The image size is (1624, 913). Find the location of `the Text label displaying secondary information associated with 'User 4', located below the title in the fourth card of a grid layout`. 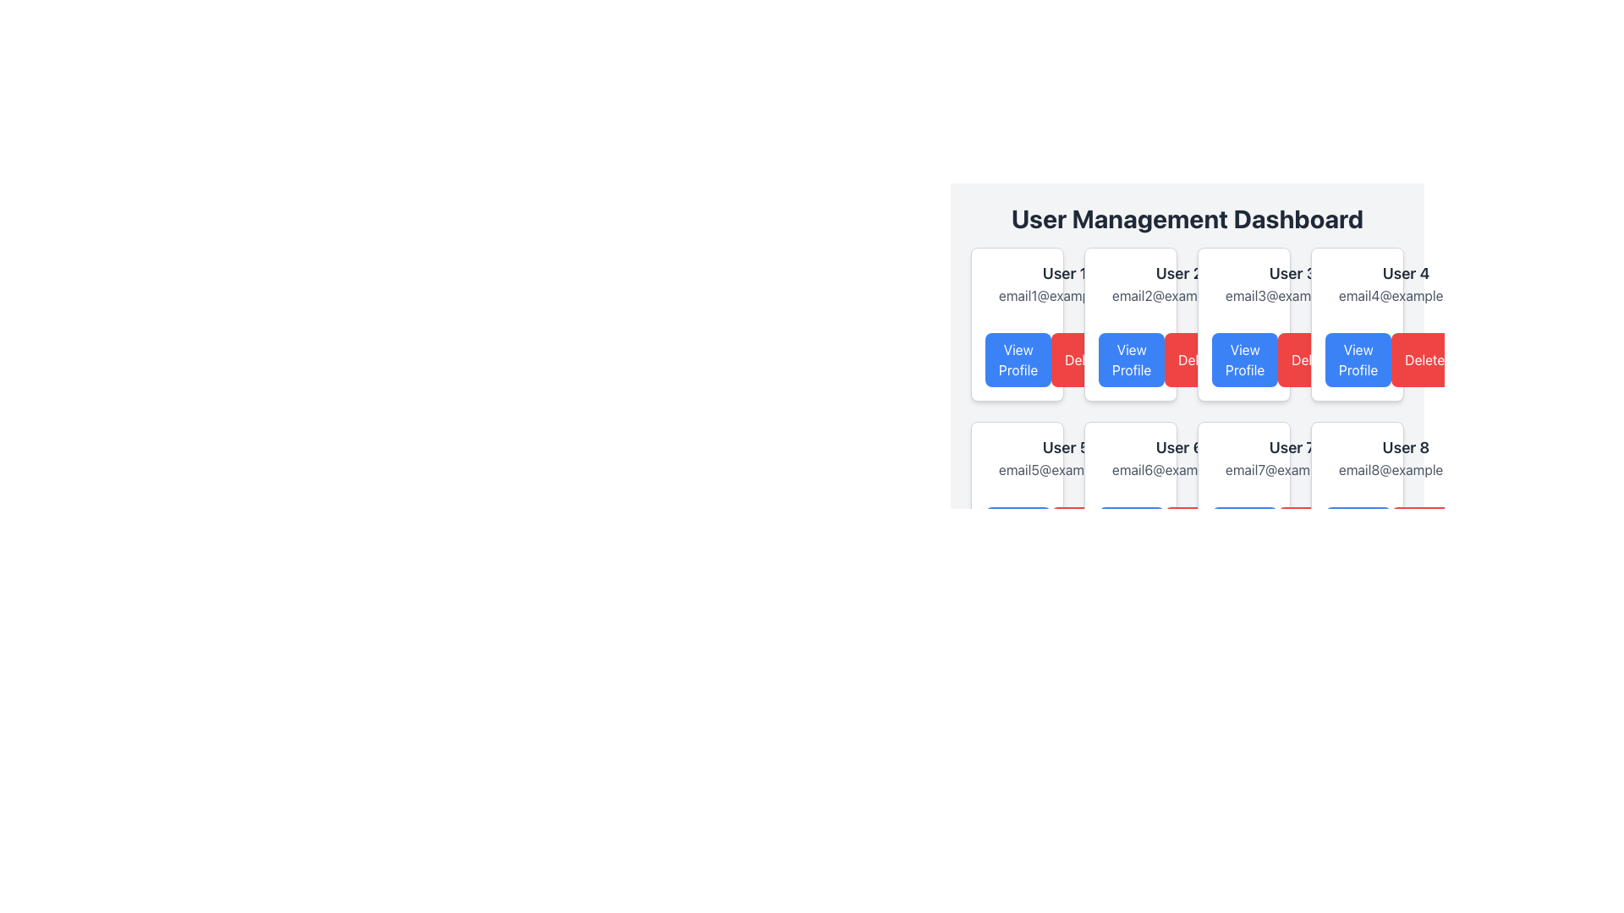

the Text label displaying secondary information associated with 'User 4', located below the title in the fourth card of a grid layout is located at coordinates (1357, 282).